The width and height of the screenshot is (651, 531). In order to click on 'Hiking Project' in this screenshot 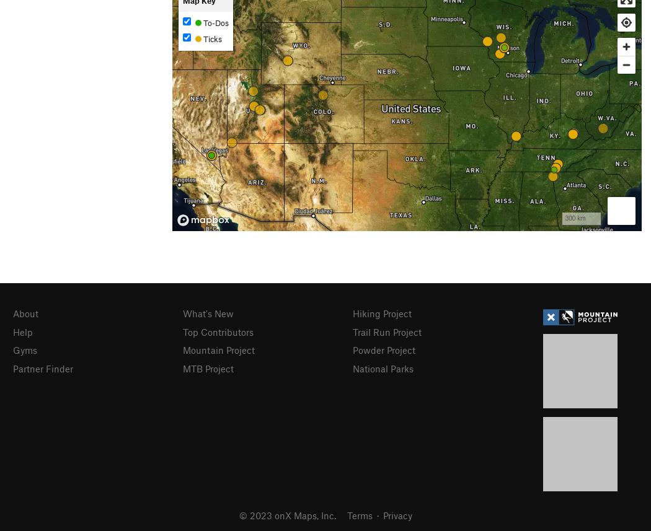, I will do `click(382, 313)`.